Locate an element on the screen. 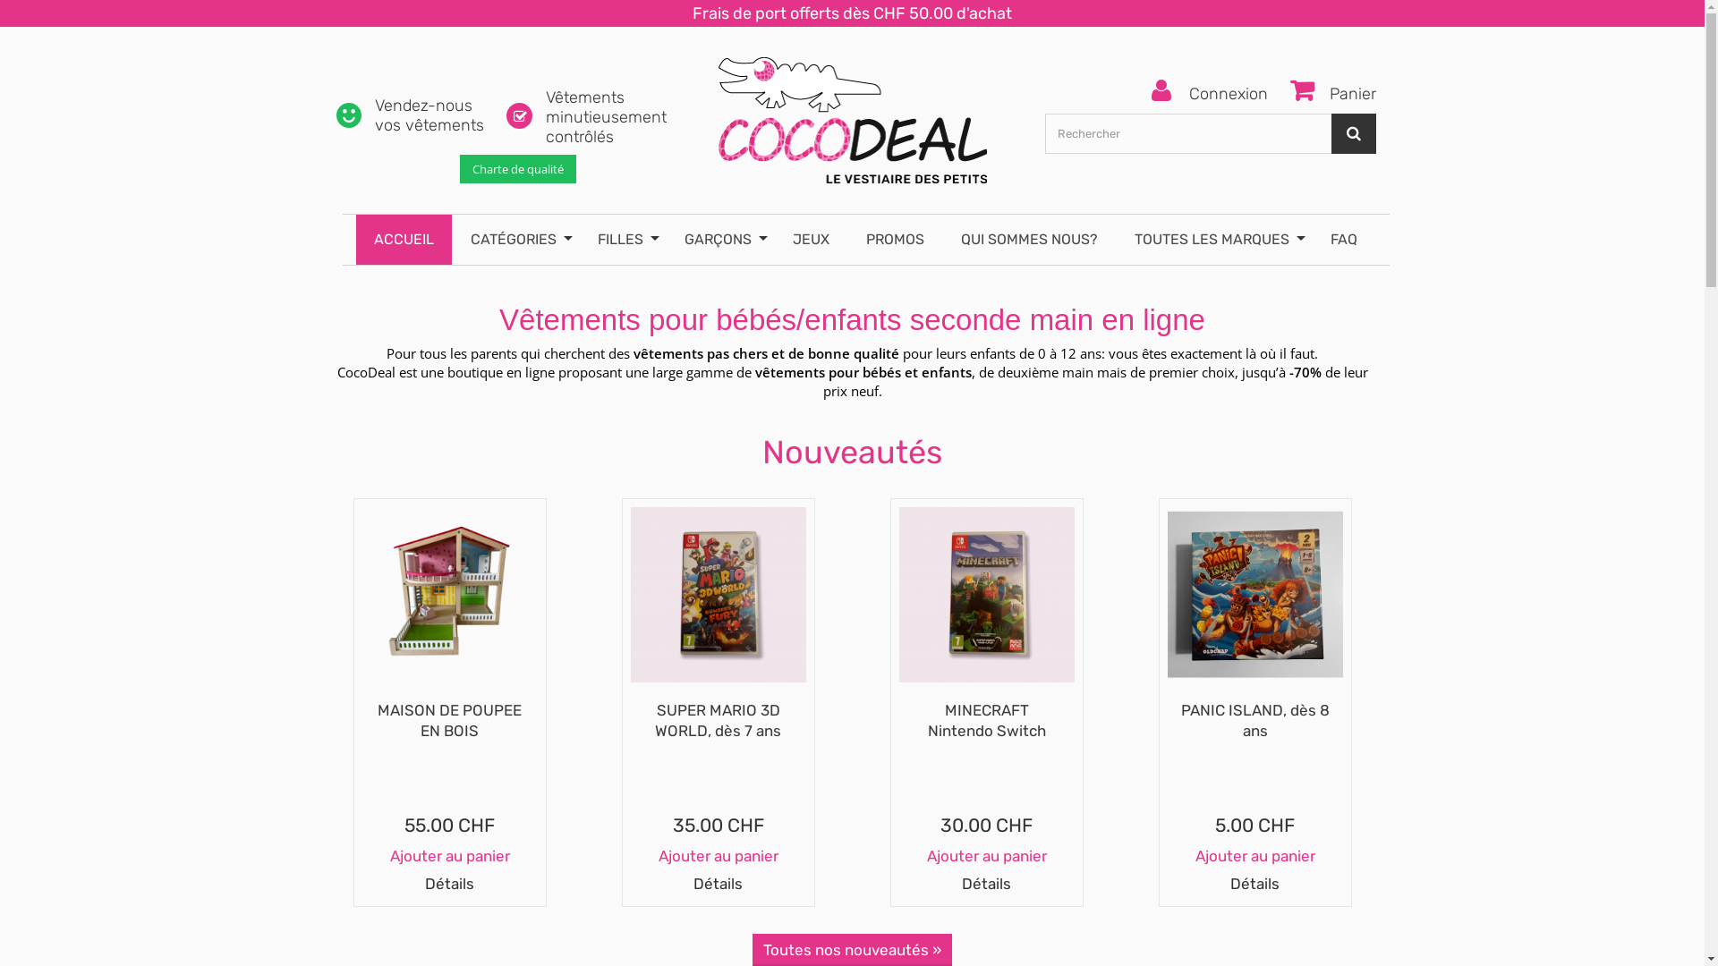  'JEUX' is located at coordinates (810, 238).